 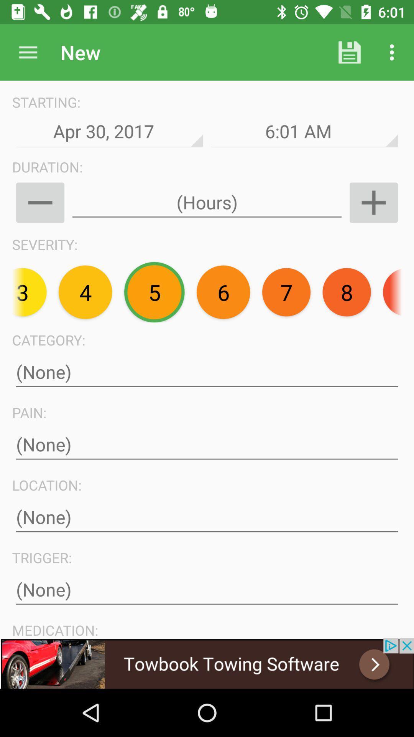 I want to click on the add icon, so click(x=373, y=203).